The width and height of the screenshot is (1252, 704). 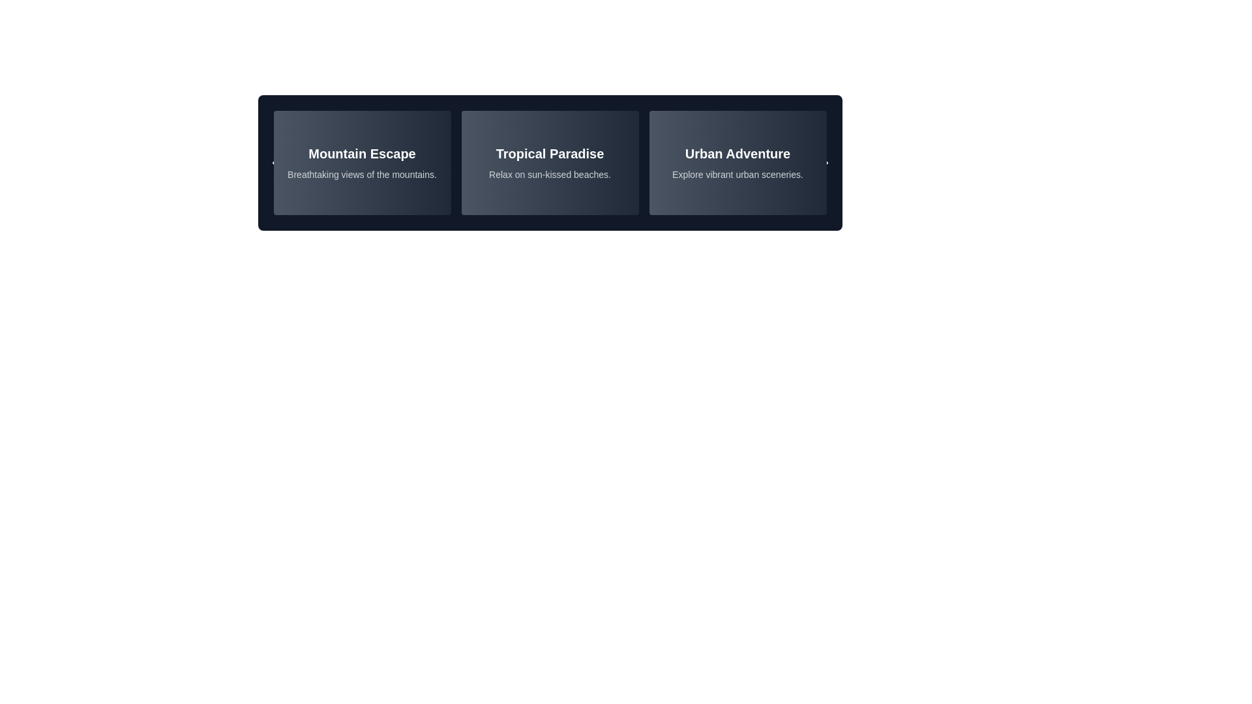 What do you see at coordinates (550, 173) in the screenshot?
I see `the text label that says 'Relax on sun-kissed beaches.' which is styled in small-sized gray font on a dark background, located below the title 'Tropical Paradise' in the central panel` at bounding box center [550, 173].